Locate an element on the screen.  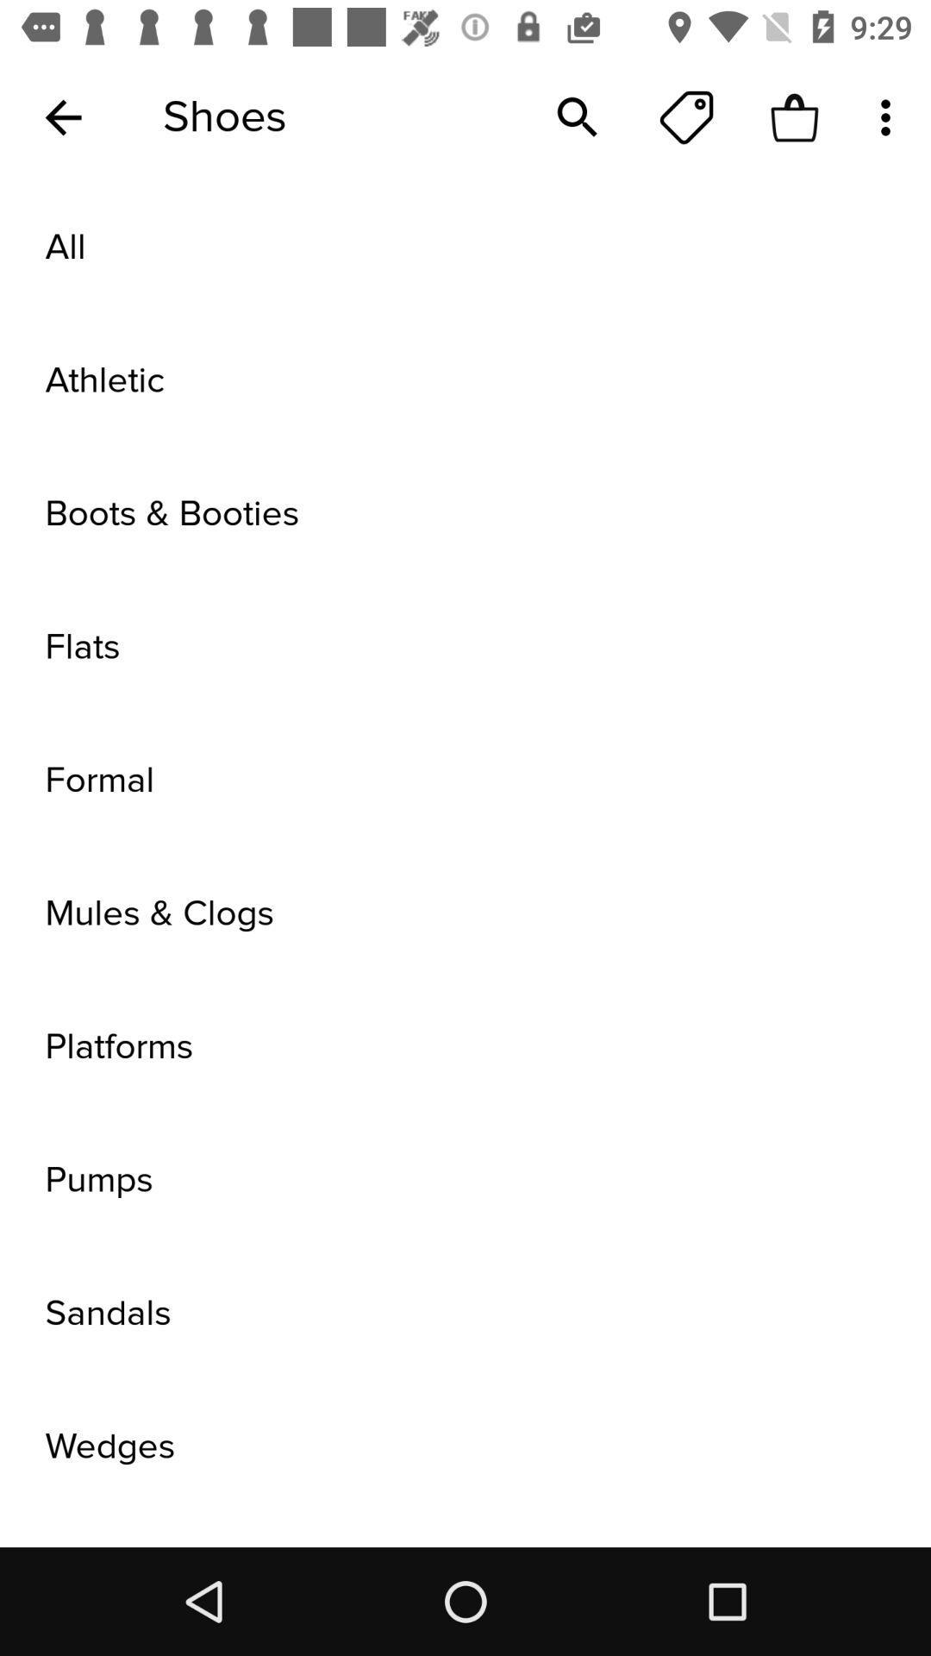
go back is located at coordinates (62, 116).